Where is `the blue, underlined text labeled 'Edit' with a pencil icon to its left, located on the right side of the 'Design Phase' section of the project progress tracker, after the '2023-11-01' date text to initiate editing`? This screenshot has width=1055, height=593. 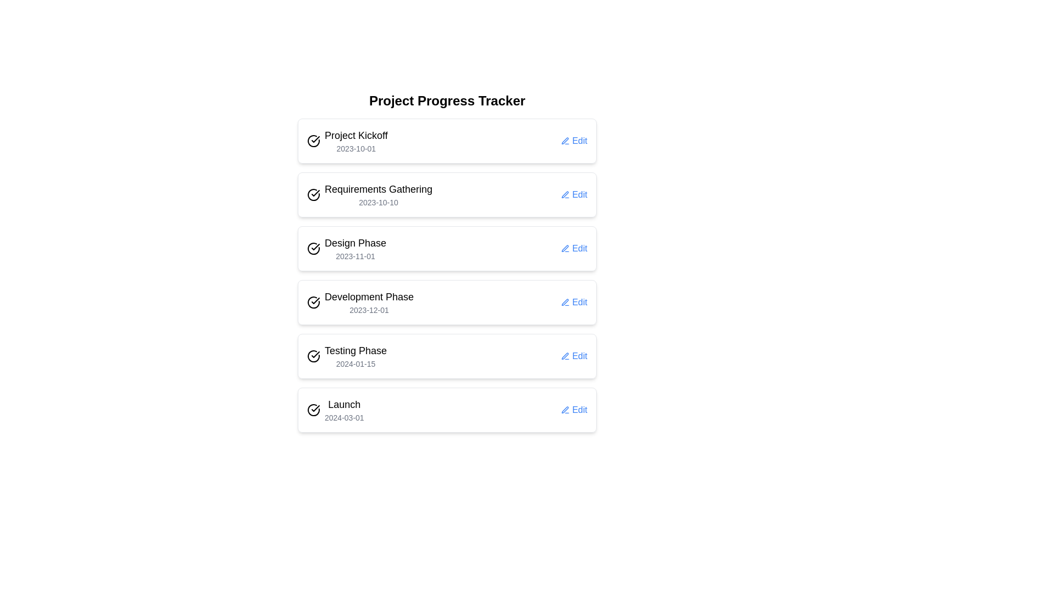 the blue, underlined text labeled 'Edit' with a pencil icon to its left, located on the right side of the 'Design Phase' section of the project progress tracker, after the '2023-11-01' date text to initiate editing is located at coordinates (574, 248).